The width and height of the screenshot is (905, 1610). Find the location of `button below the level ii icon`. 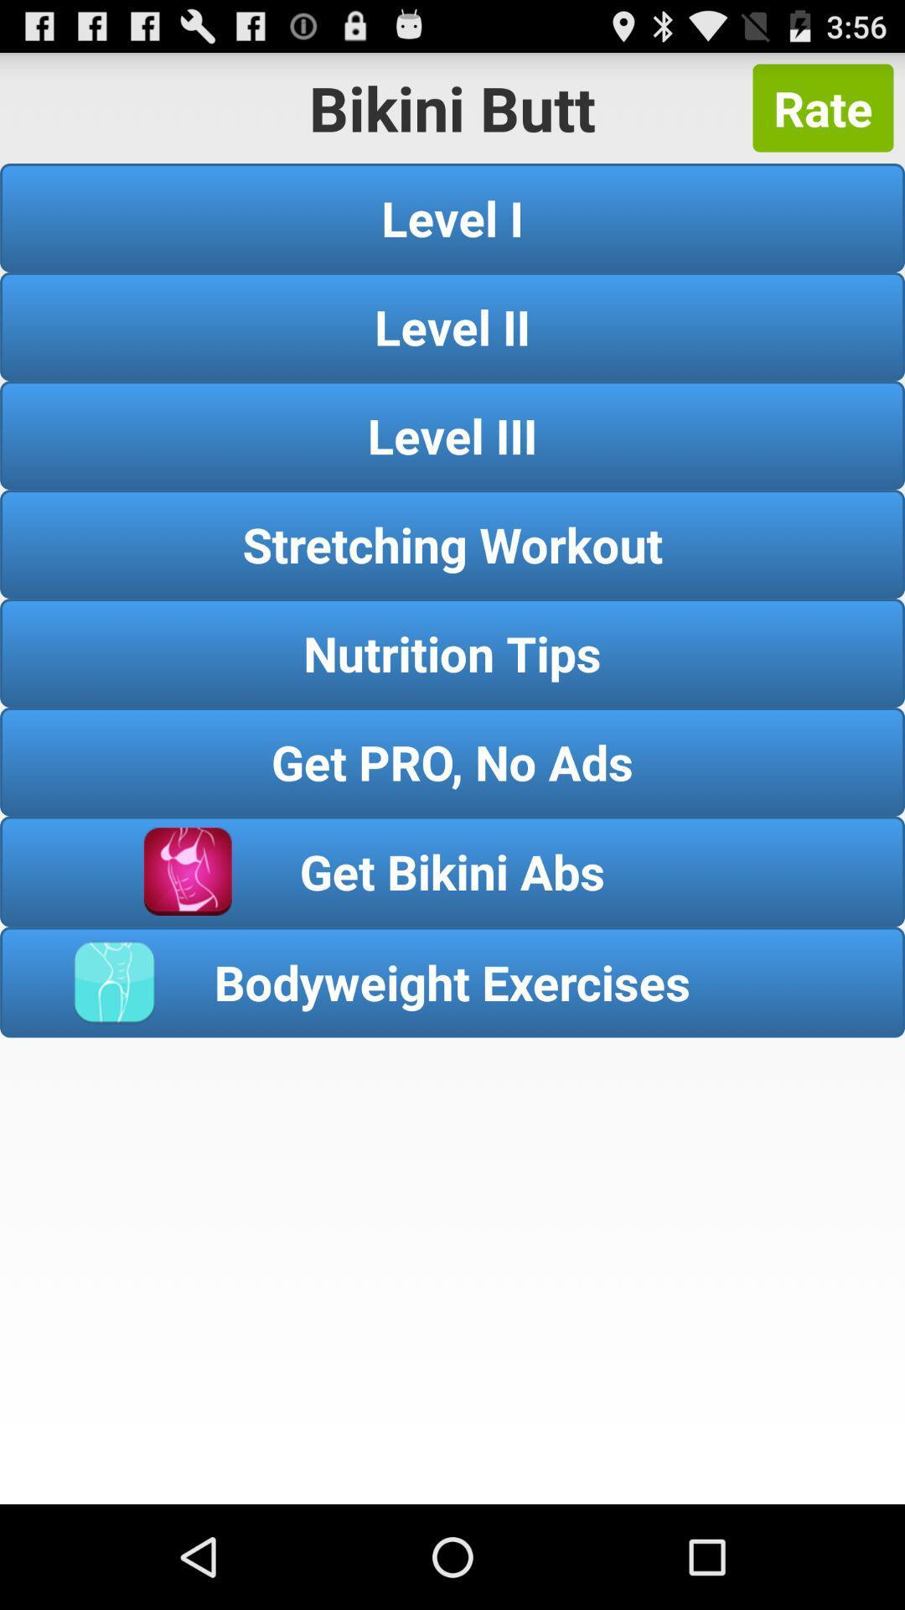

button below the level ii icon is located at coordinates (452, 435).